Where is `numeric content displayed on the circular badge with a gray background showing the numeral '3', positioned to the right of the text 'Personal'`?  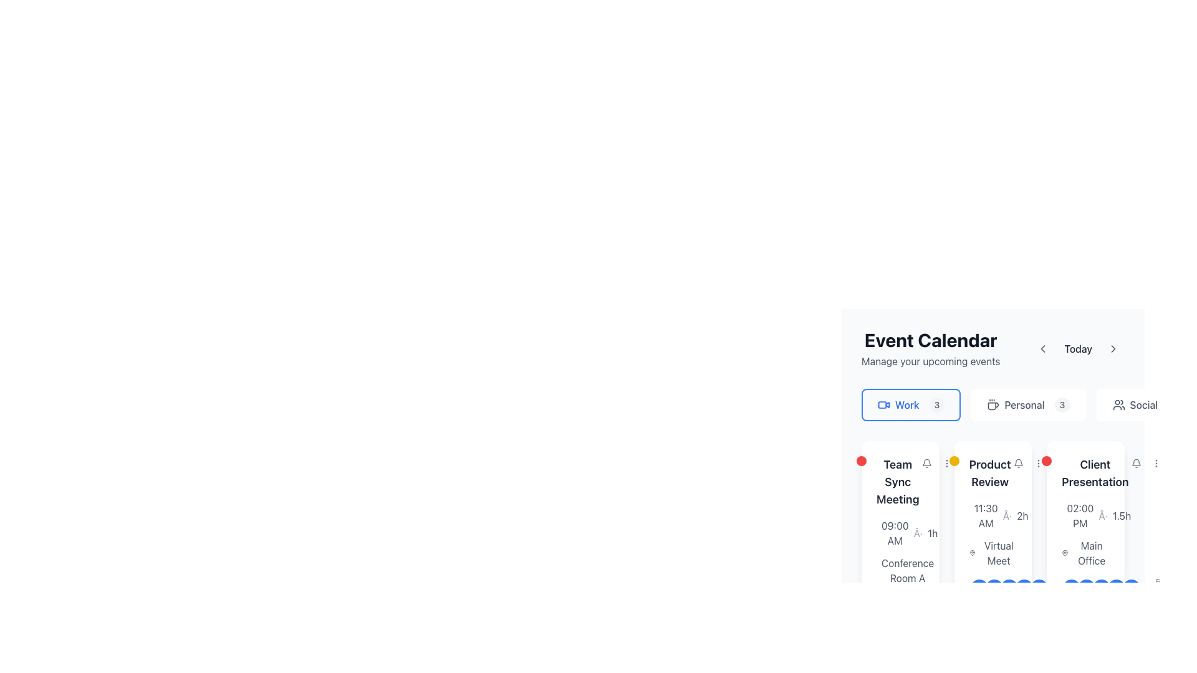 numeric content displayed on the circular badge with a gray background showing the numeral '3', positioned to the right of the text 'Personal' is located at coordinates (1062, 405).